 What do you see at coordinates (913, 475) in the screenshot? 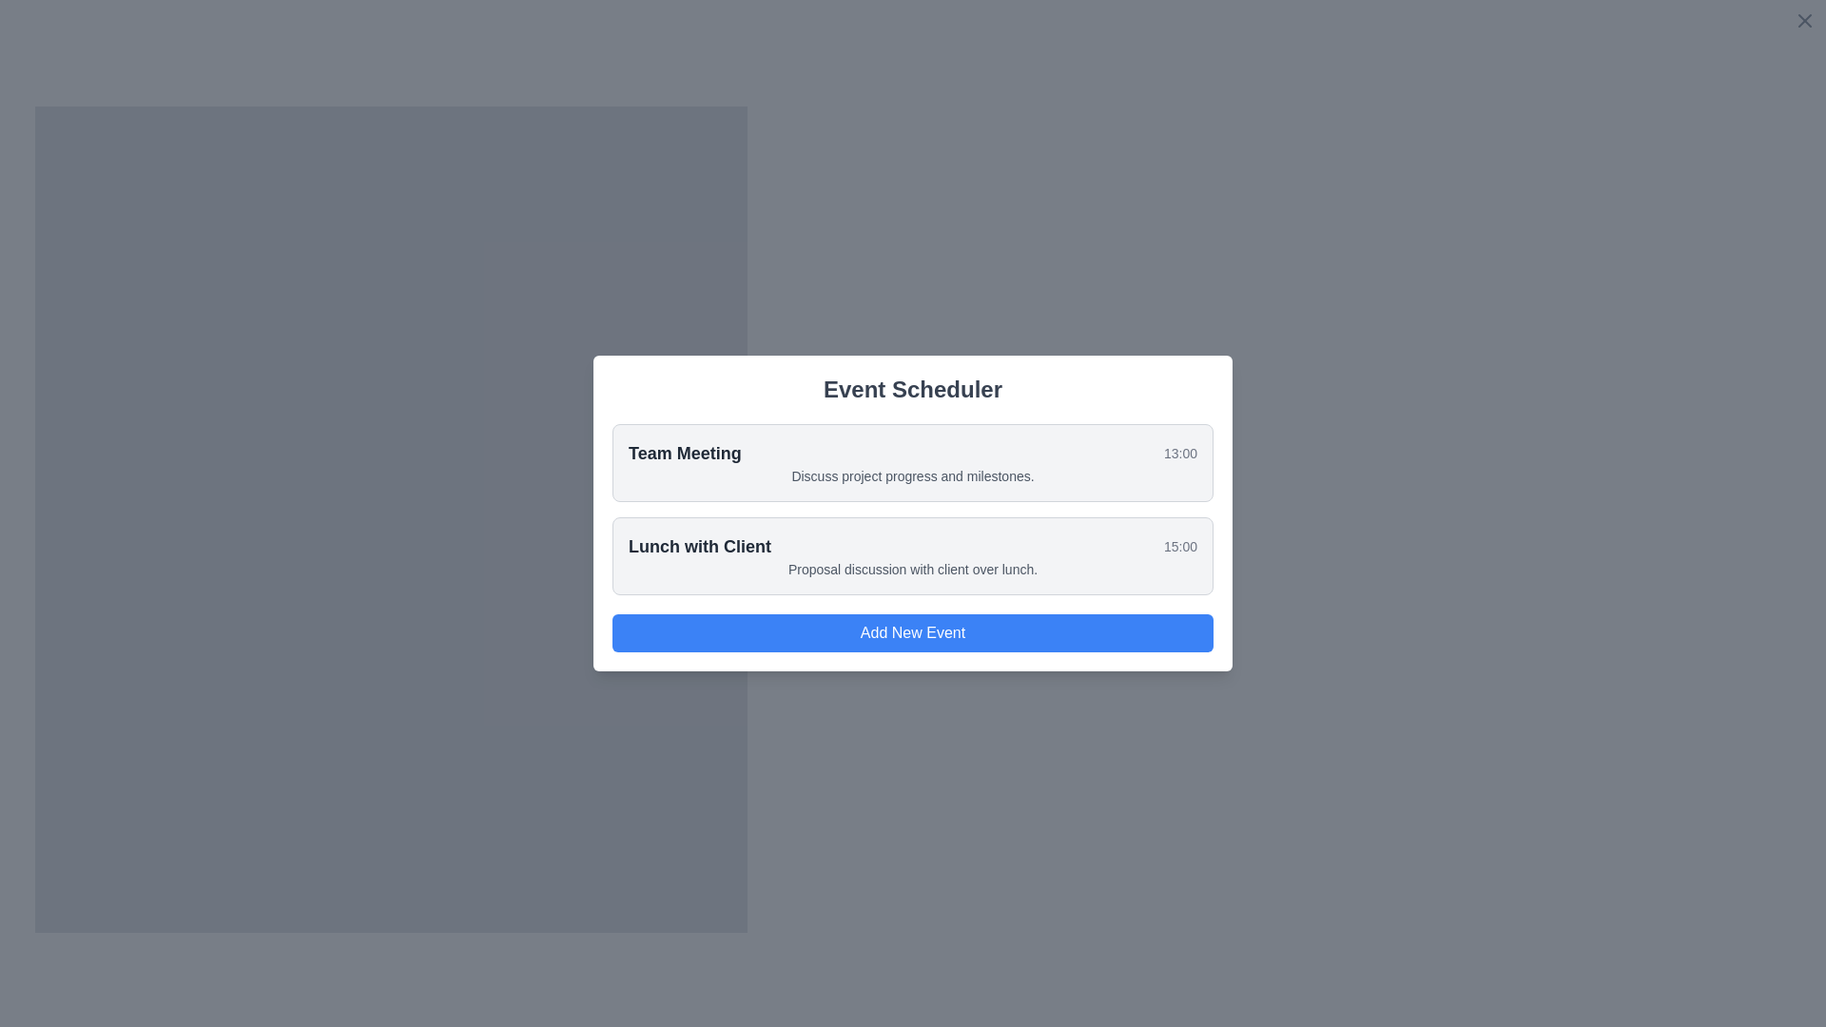
I see `the Text label providing details about the 'Team Meeting', which is located centrally below the title and above the time in the scheduler interface` at bounding box center [913, 475].